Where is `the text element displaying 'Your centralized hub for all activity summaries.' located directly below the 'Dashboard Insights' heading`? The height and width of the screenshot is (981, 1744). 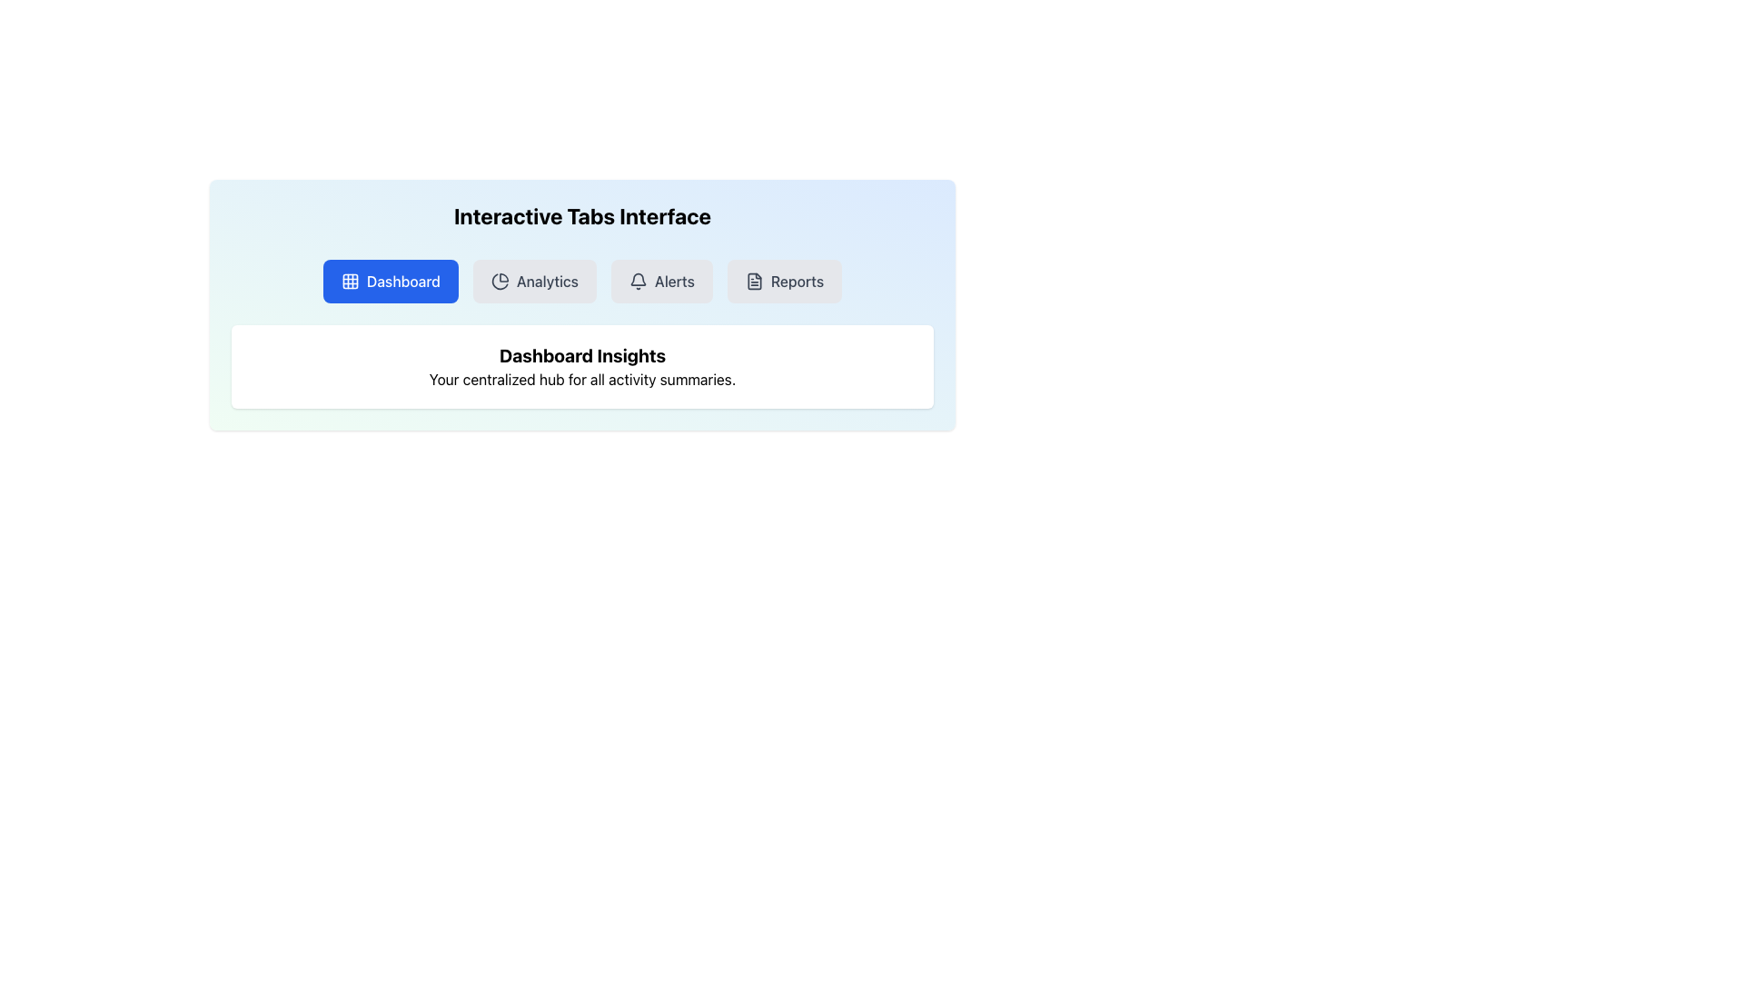 the text element displaying 'Your centralized hub for all activity summaries.' located directly below the 'Dashboard Insights' heading is located at coordinates (582, 378).